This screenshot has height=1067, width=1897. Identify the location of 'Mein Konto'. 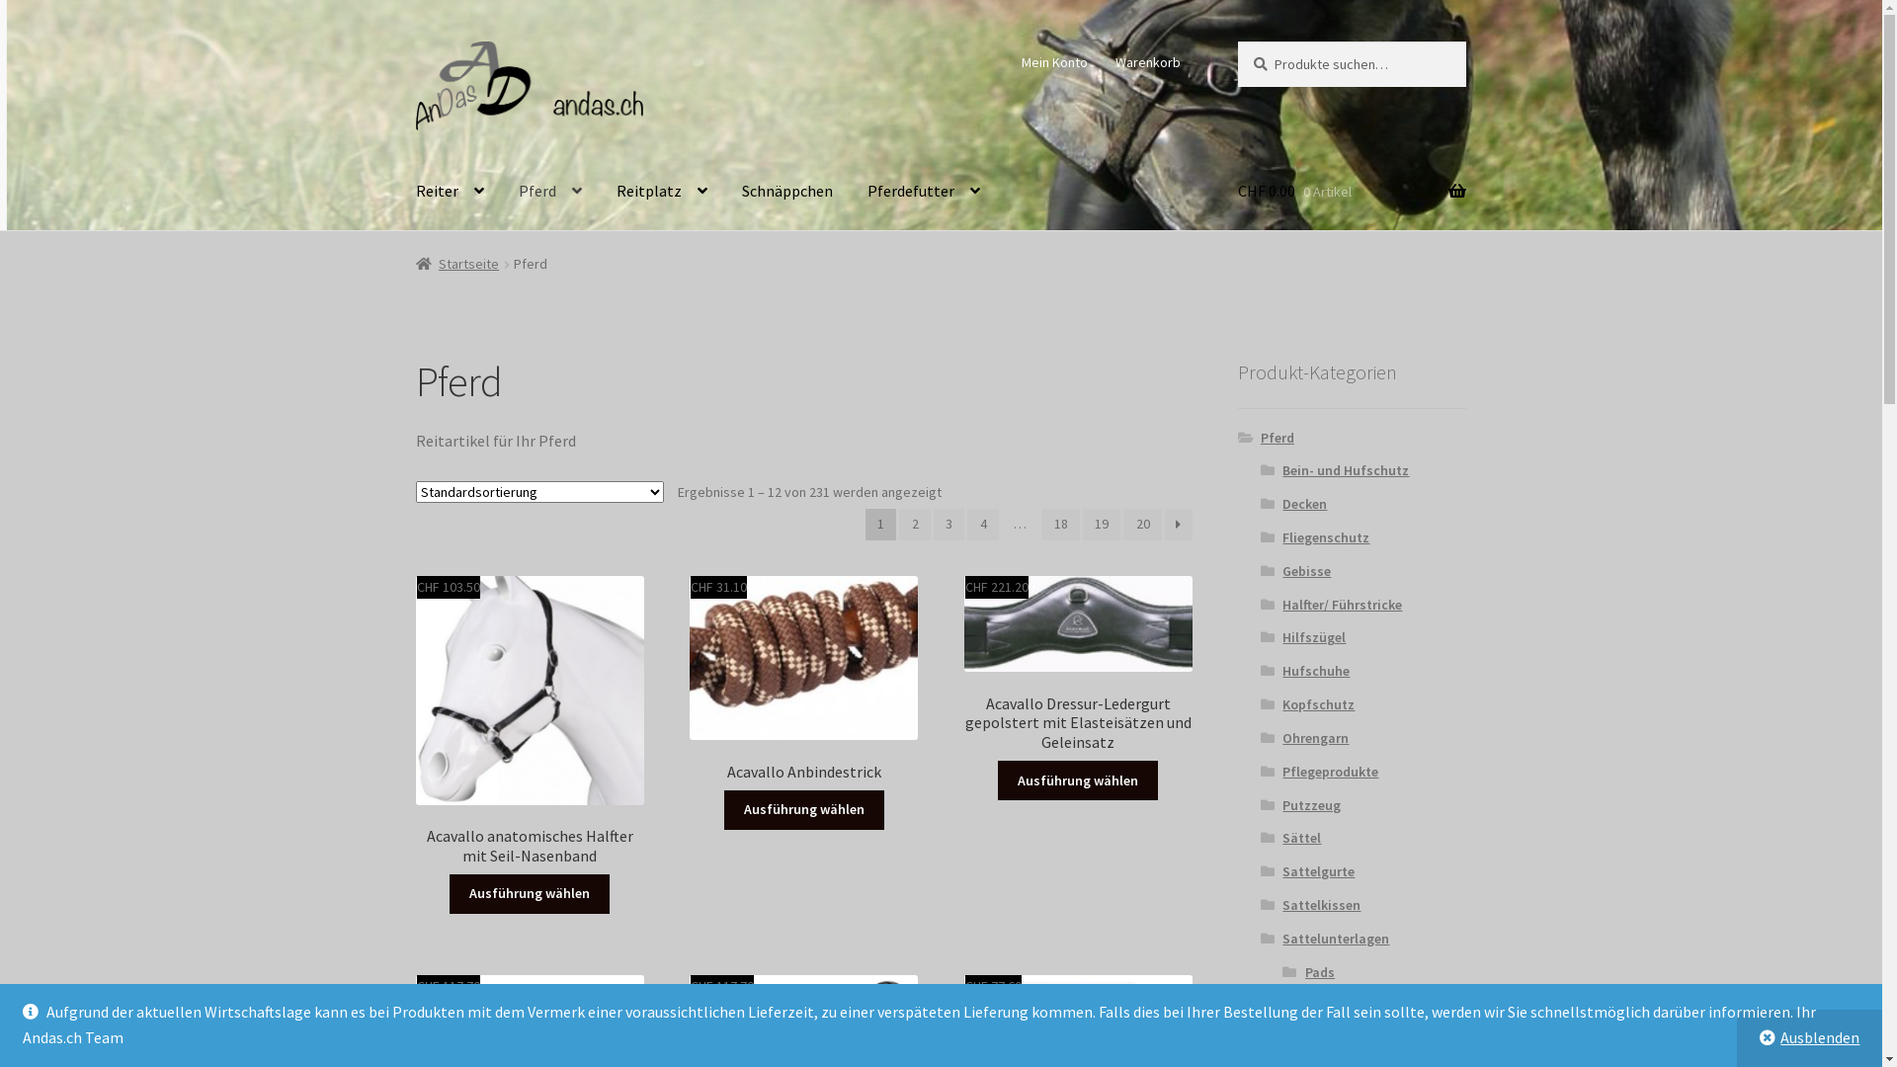
(1054, 60).